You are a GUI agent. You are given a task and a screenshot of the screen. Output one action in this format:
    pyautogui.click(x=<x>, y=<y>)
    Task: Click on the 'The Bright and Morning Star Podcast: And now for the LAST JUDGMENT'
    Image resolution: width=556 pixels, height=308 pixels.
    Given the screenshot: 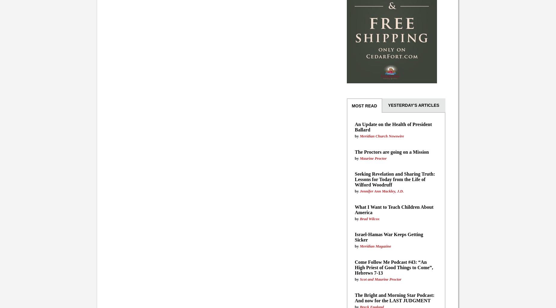 What is the action you would take?
    pyautogui.click(x=354, y=297)
    